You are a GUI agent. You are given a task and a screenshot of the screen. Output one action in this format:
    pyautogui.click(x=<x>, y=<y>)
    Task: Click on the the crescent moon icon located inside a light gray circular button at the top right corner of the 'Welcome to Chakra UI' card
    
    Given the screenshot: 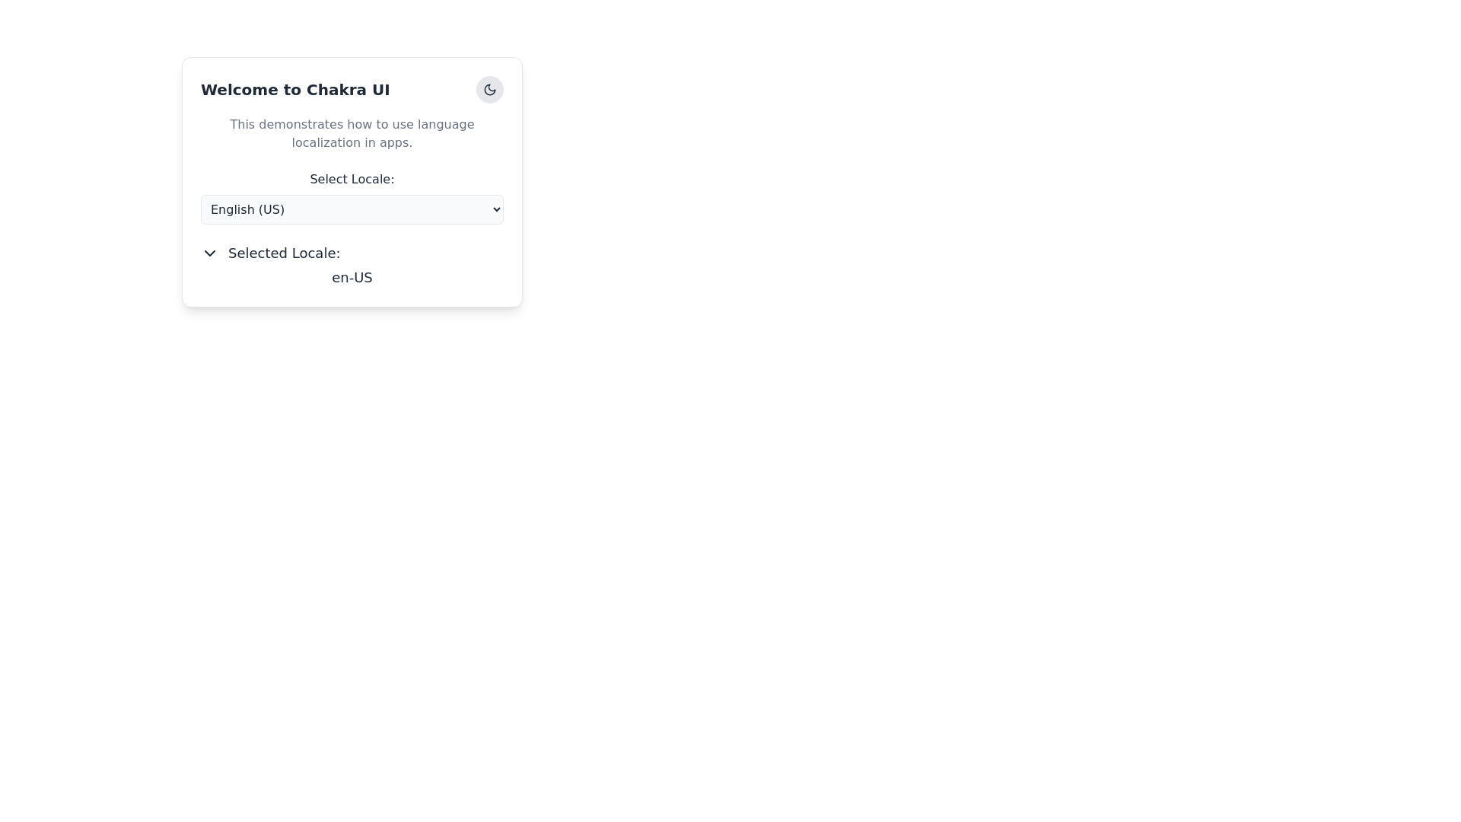 What is the action you would take?
    pyautogui.click(x=489, y=90)
    